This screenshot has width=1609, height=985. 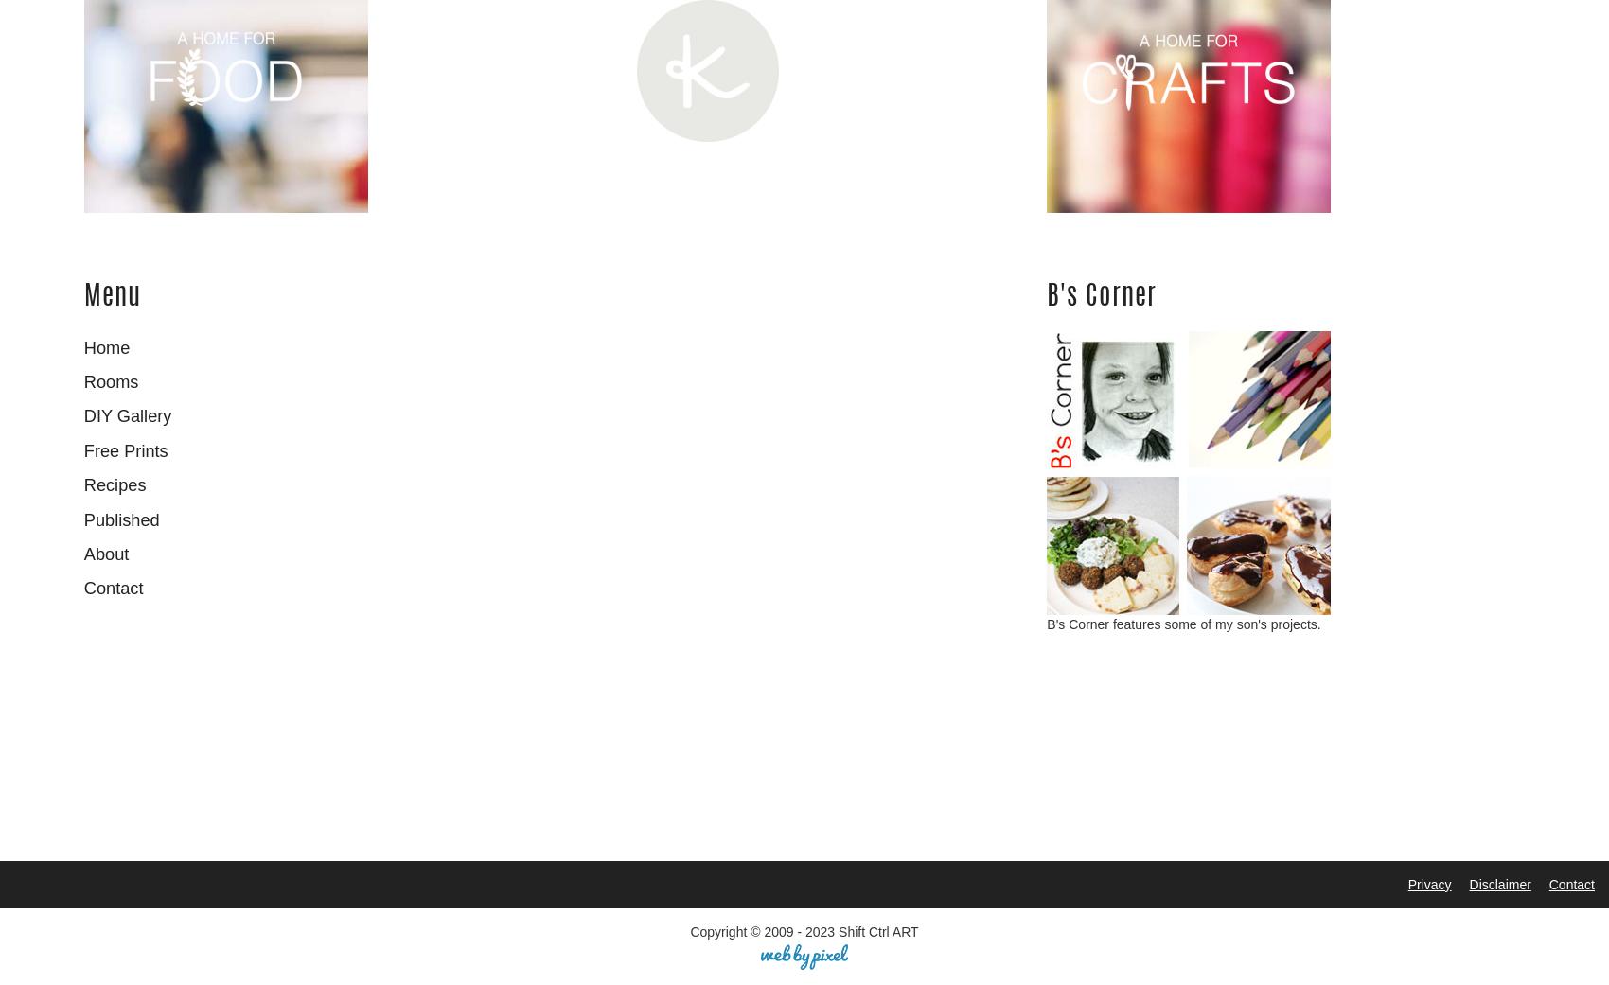 I want to click on 'Menu', so click(x=83, y=296).